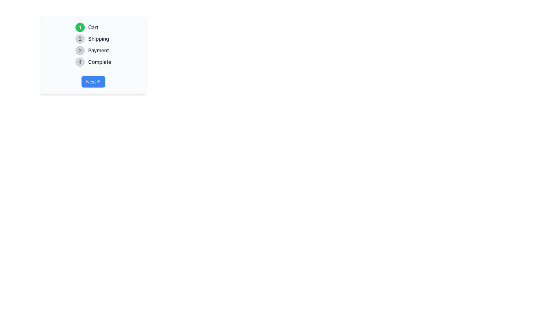 This screenshot has height=312, width=555. Describe the element at coordinates (93, 81) in the screenshot. I see `the navigation button located at the bottom of the step-based interface` at that location.